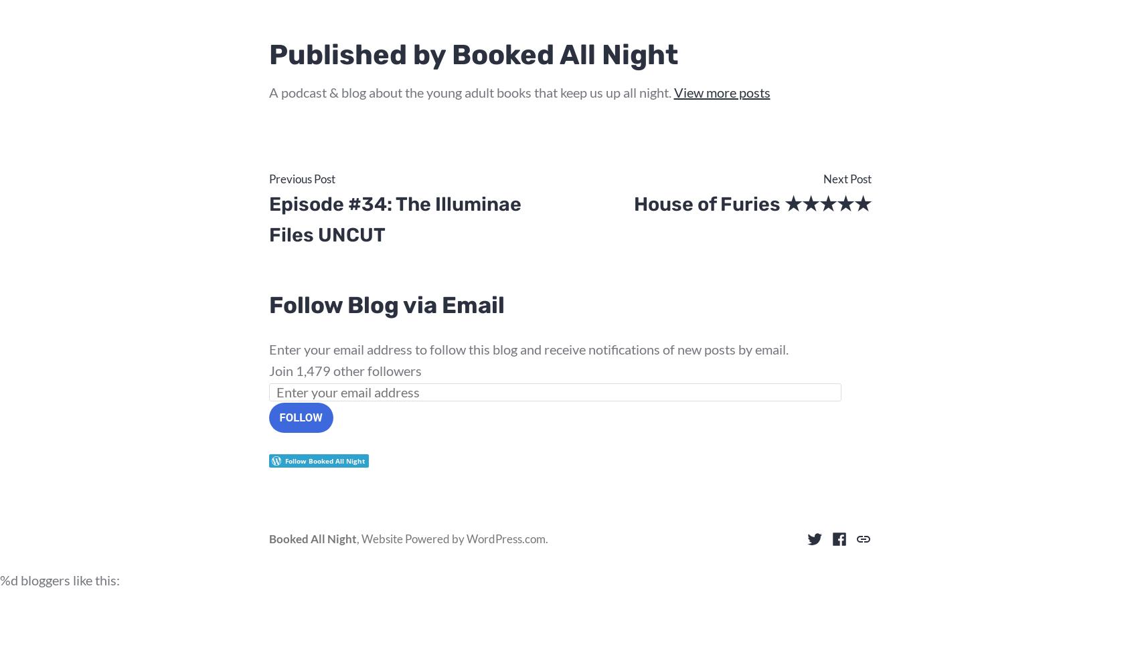  What do you see at coordinates (312, 539) in the screenshot?
I see `'Booked All Night'` at bounding box center [312, 539].